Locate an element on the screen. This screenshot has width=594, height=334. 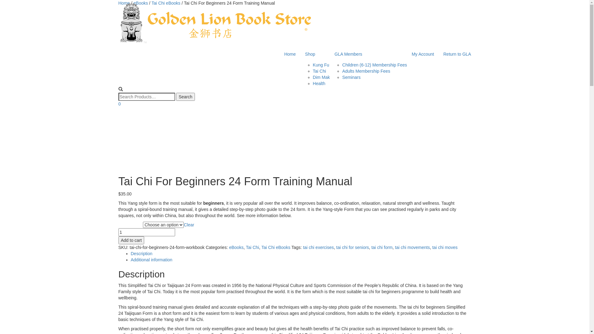
'Seminars' is located at coordinates (351, 77).